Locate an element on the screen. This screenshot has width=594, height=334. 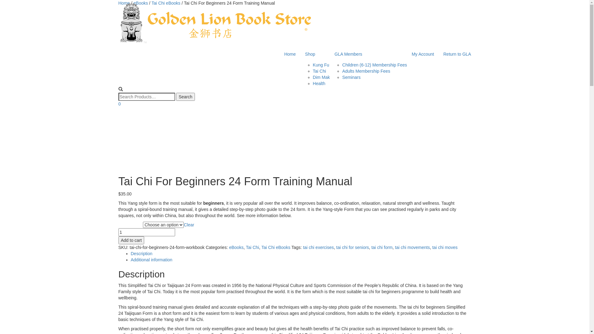
'Seminars' is located at coordinates (351, 77).